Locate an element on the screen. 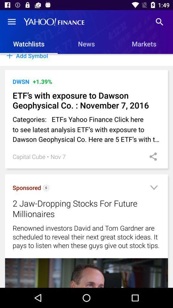  icon next to the +1.39% icon is located at coordinates (21, 81).